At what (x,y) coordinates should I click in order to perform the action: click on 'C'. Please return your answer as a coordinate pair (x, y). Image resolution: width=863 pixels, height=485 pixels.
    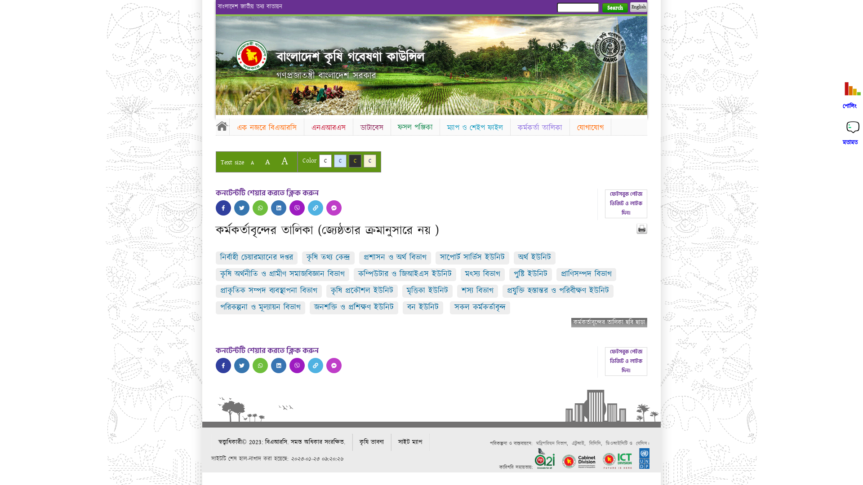
    Looking at the image, I should click on (340, 160).